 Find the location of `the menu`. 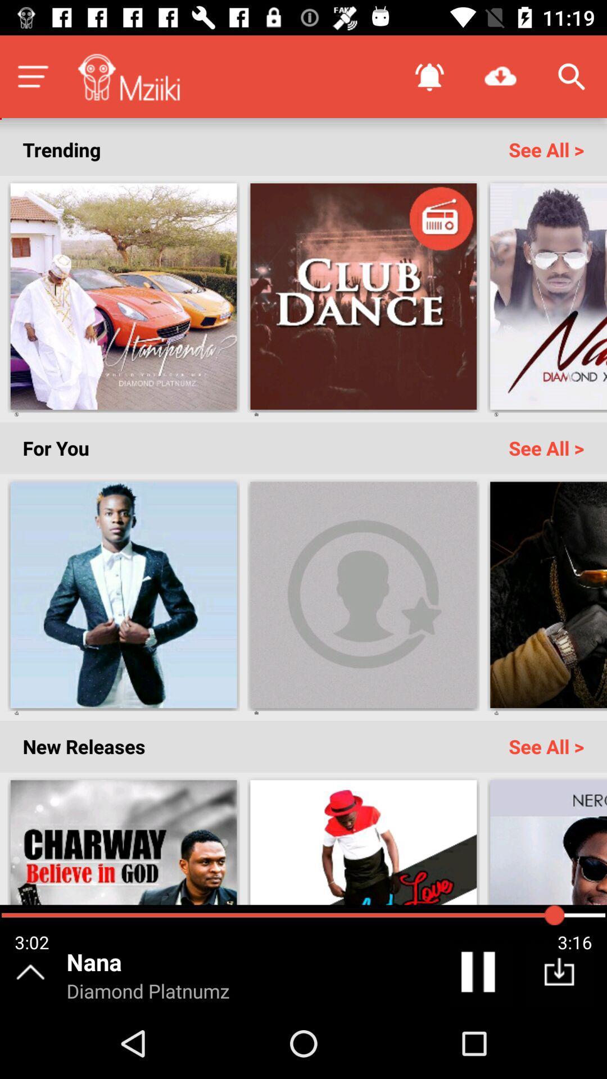

the menu is located at coordinates (32, 76).